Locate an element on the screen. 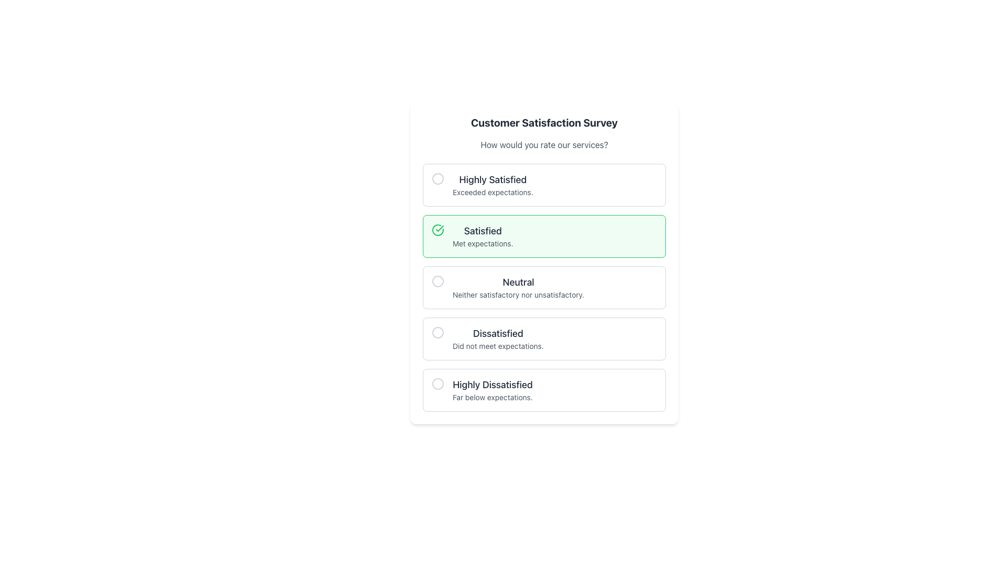 This screenshot has width=1006, height=565. the 'Highly Satisfied' radio button option in the survey is located at coordinates (544, 185).